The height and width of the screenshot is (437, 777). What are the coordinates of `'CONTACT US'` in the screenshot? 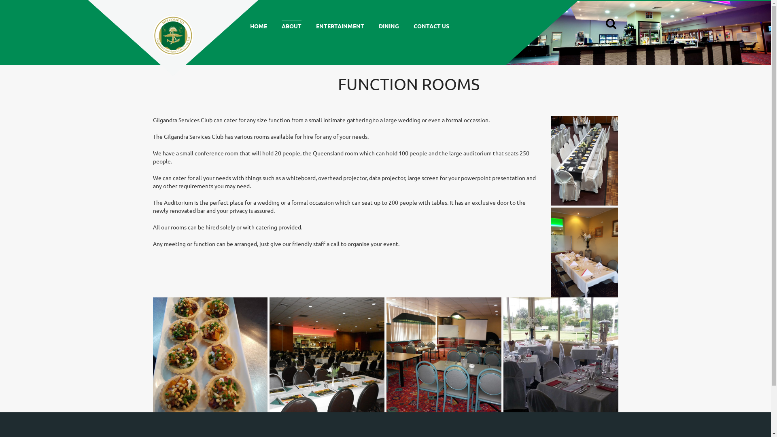 It's located at (431, 25).